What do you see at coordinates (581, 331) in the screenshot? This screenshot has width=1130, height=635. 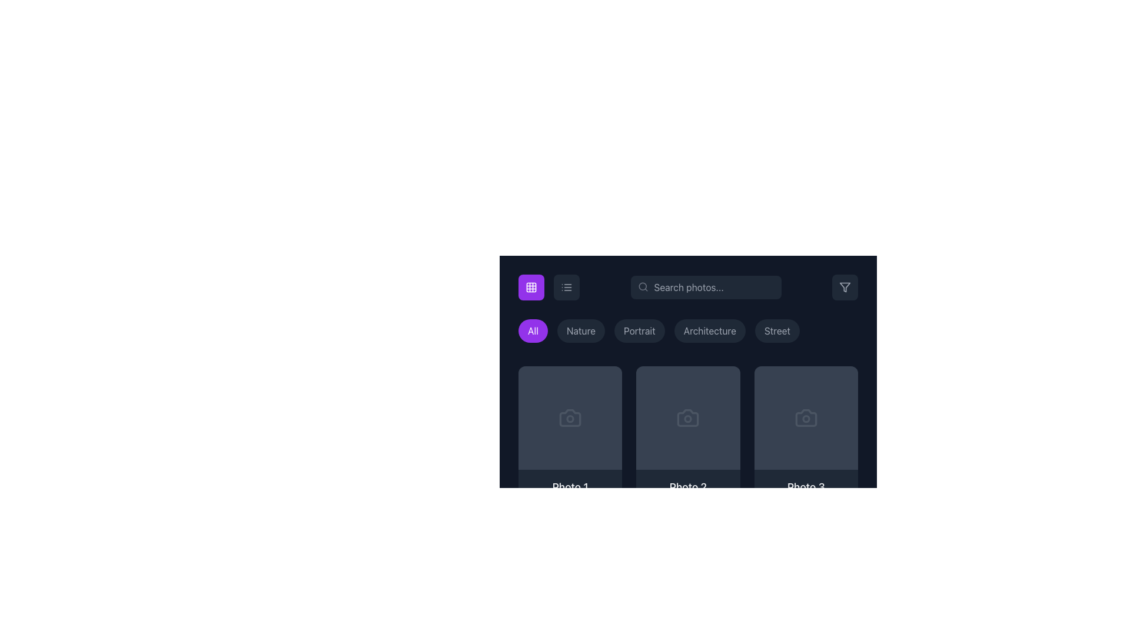 I see `the second interactive button in the horizontal button group` at bounding box center [581, 331].